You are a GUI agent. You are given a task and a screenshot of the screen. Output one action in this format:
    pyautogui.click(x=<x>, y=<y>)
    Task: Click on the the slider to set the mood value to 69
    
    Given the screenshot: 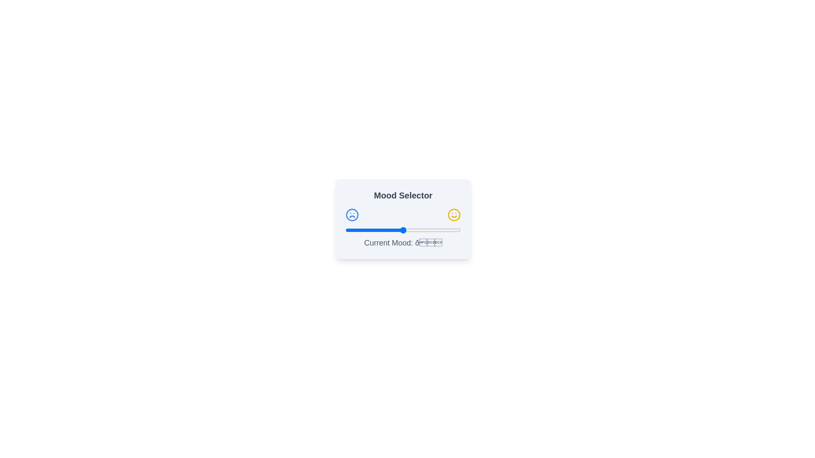 What is the action you would take?
    pyautogui.click(x=425, y=230)
    